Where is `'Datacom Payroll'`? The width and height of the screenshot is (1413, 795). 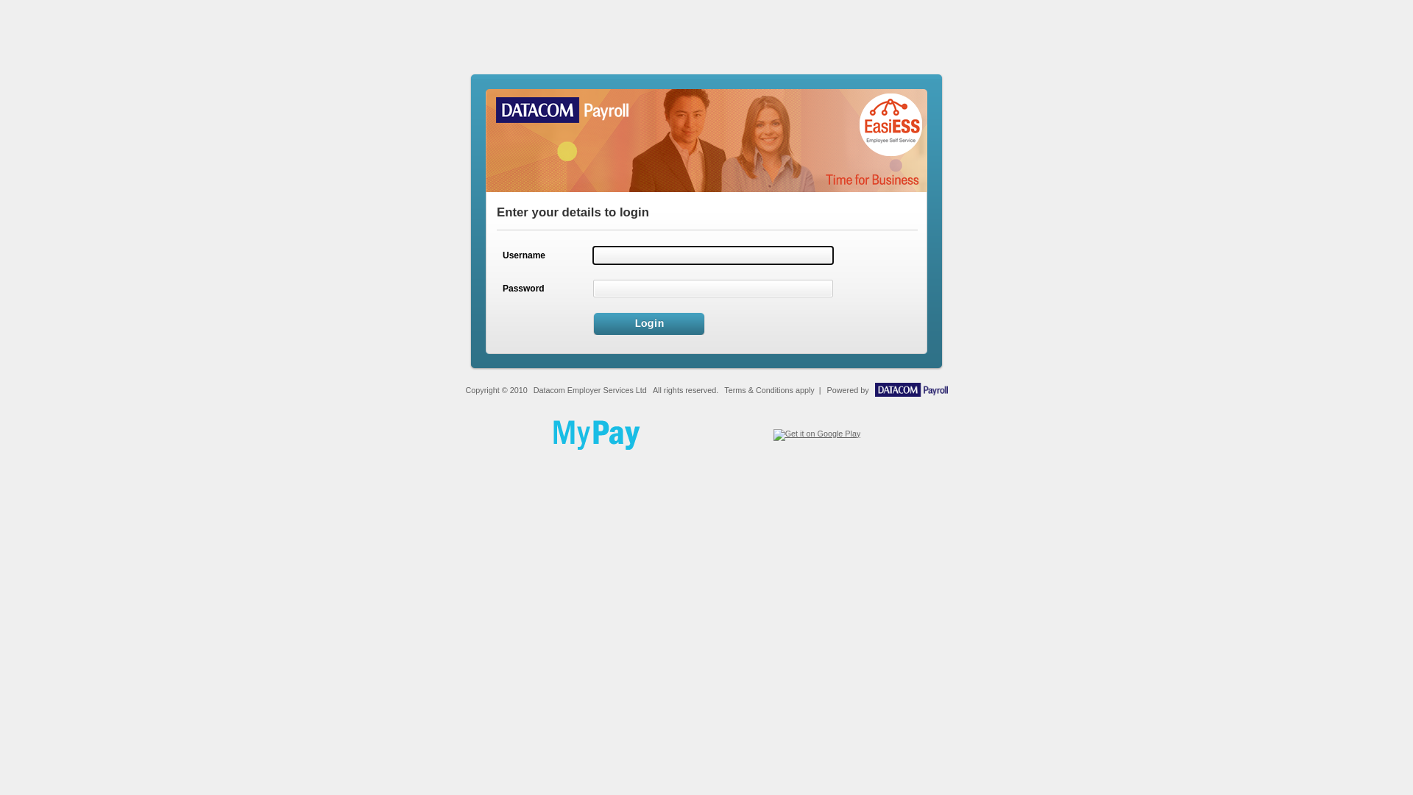
'Datacom Payroll' is located at coordinates (910, 393).